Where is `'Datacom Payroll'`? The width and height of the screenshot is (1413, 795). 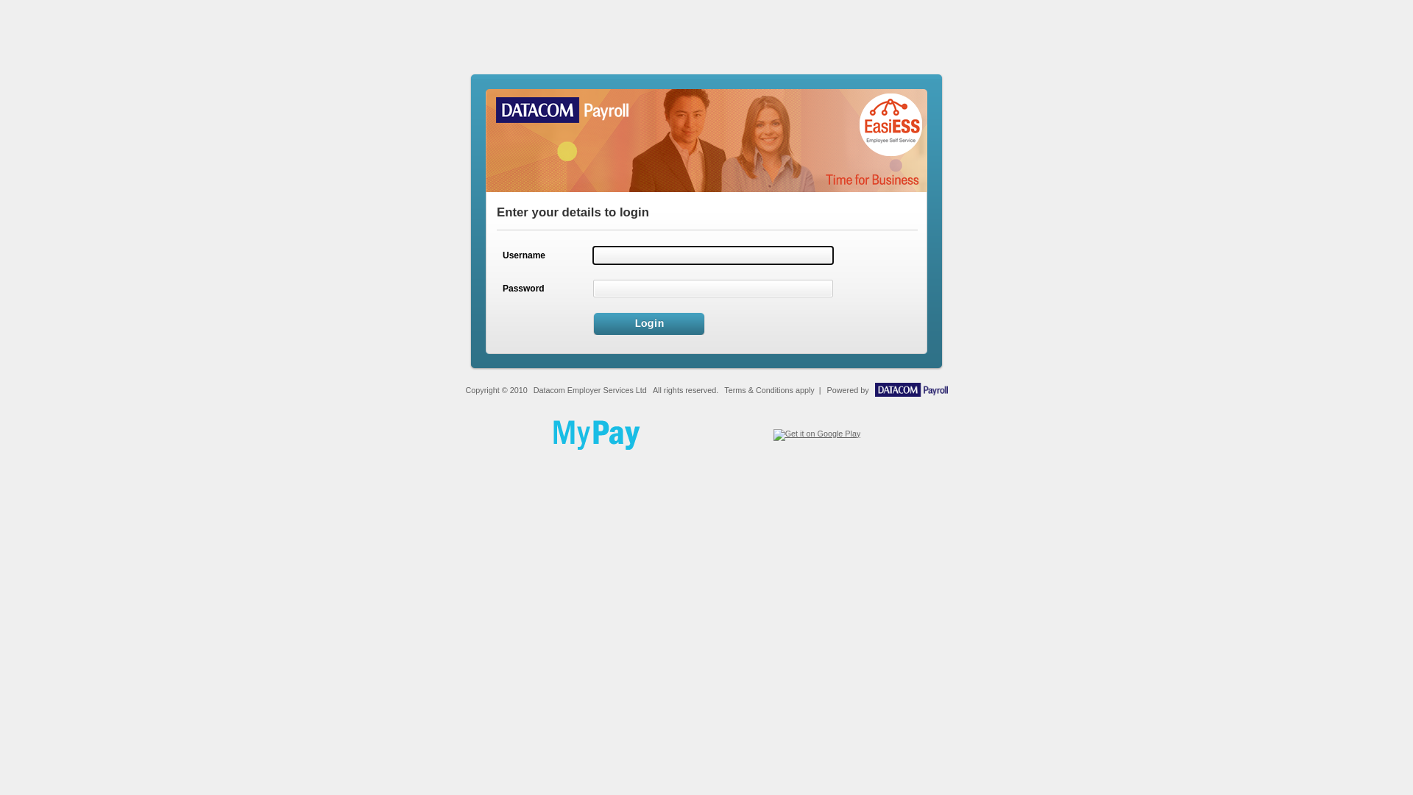
'Datacom Payroll' is located at coordinates (910, 393).